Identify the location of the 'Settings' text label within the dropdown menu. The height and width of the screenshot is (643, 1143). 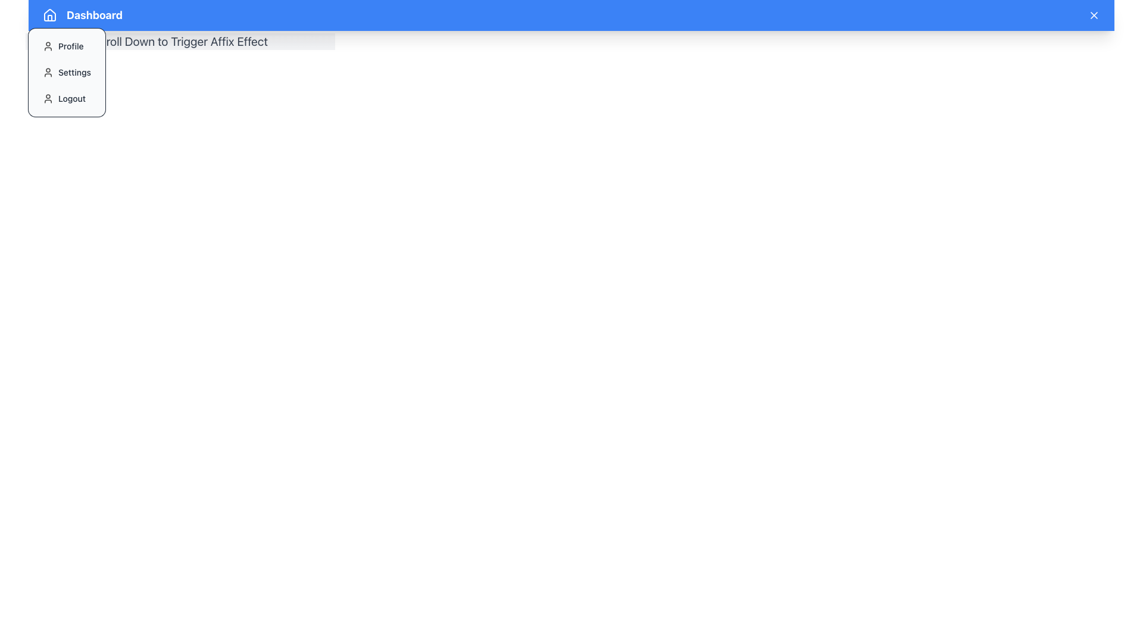
(74, 73).